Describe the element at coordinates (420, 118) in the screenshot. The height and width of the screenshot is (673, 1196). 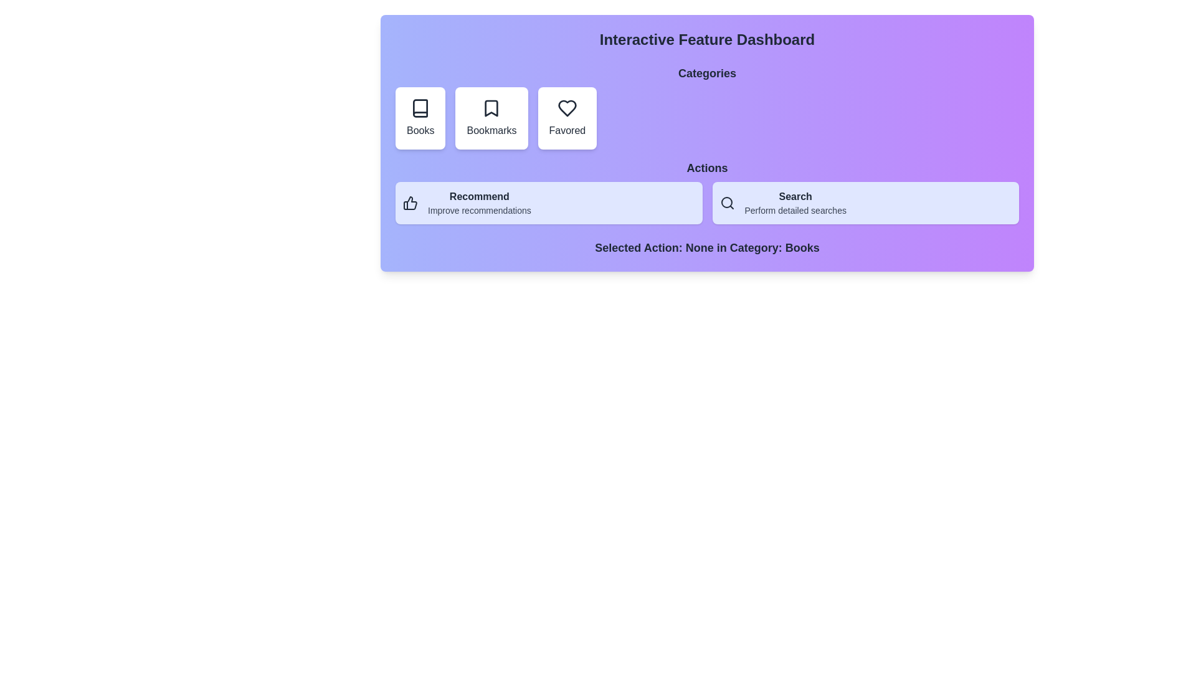
I see `the first button-like clickable card in the 'Categories' section, which features a book icon and the text 'Books', for visual feedback` at that location.